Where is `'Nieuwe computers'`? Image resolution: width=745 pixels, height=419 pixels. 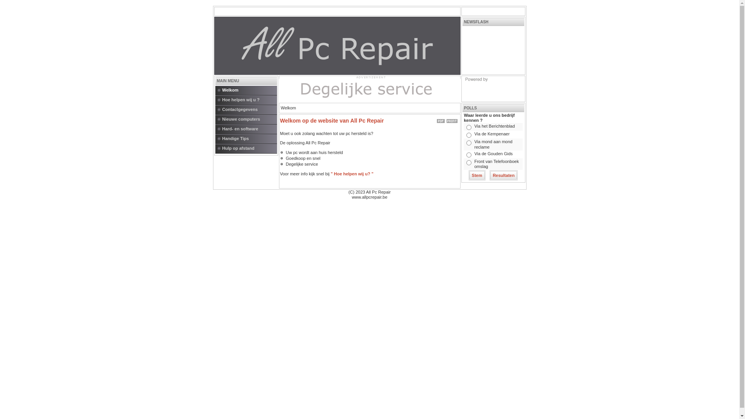
'Nieuwe computers' is located at coordinates (249, 119).